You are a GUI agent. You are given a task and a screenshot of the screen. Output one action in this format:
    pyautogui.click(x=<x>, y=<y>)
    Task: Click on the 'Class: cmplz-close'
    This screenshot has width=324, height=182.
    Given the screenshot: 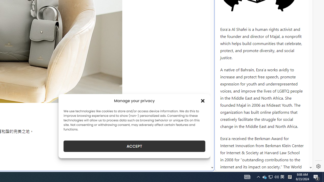 What is the action you would take?
    pyautogui.click(x=203, y=101)
    